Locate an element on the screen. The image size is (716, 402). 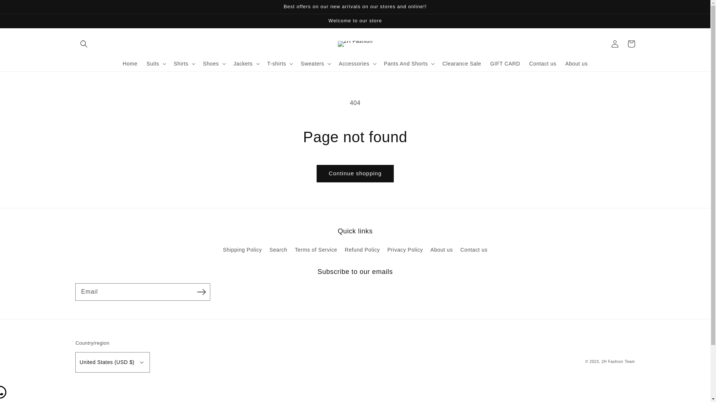
'Continue shopping' is located at coordinates (354, 173).